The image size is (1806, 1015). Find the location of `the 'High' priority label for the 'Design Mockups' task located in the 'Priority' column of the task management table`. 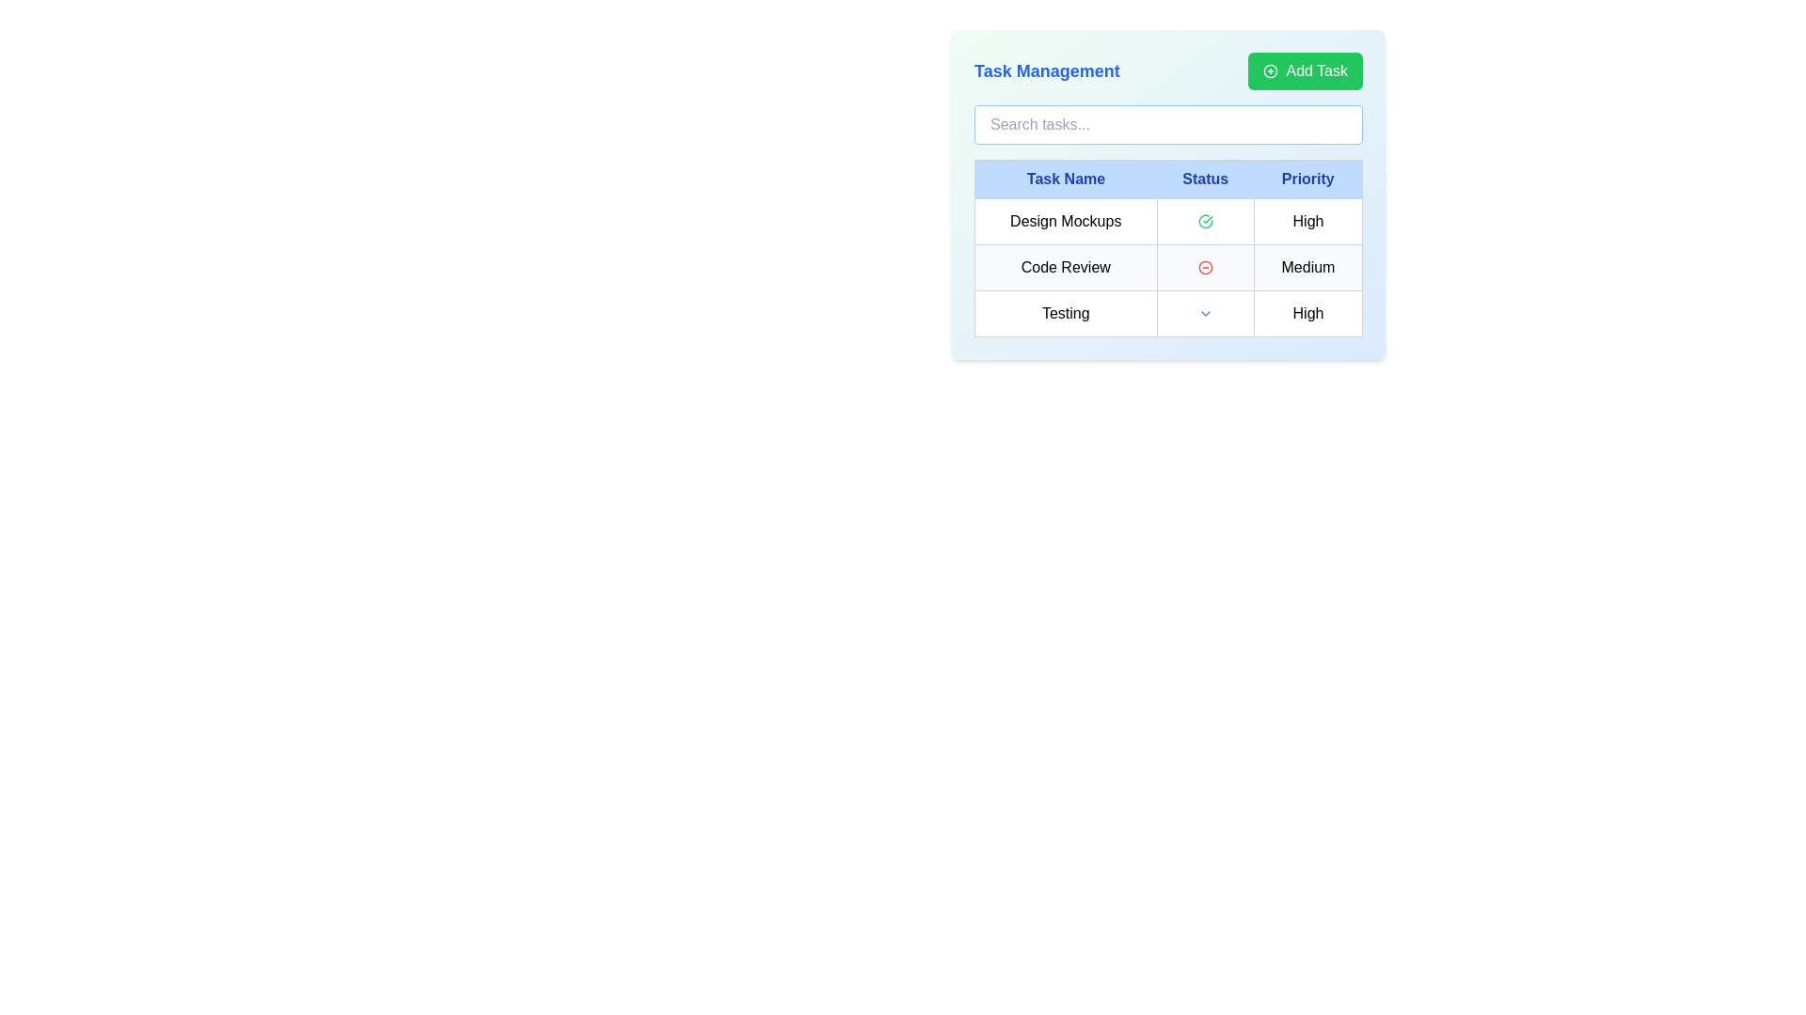

the 'High' priority label for the 'Design Mockups' task located in the 'Priority' column of the task management table is located at coordinates (1307, 220).